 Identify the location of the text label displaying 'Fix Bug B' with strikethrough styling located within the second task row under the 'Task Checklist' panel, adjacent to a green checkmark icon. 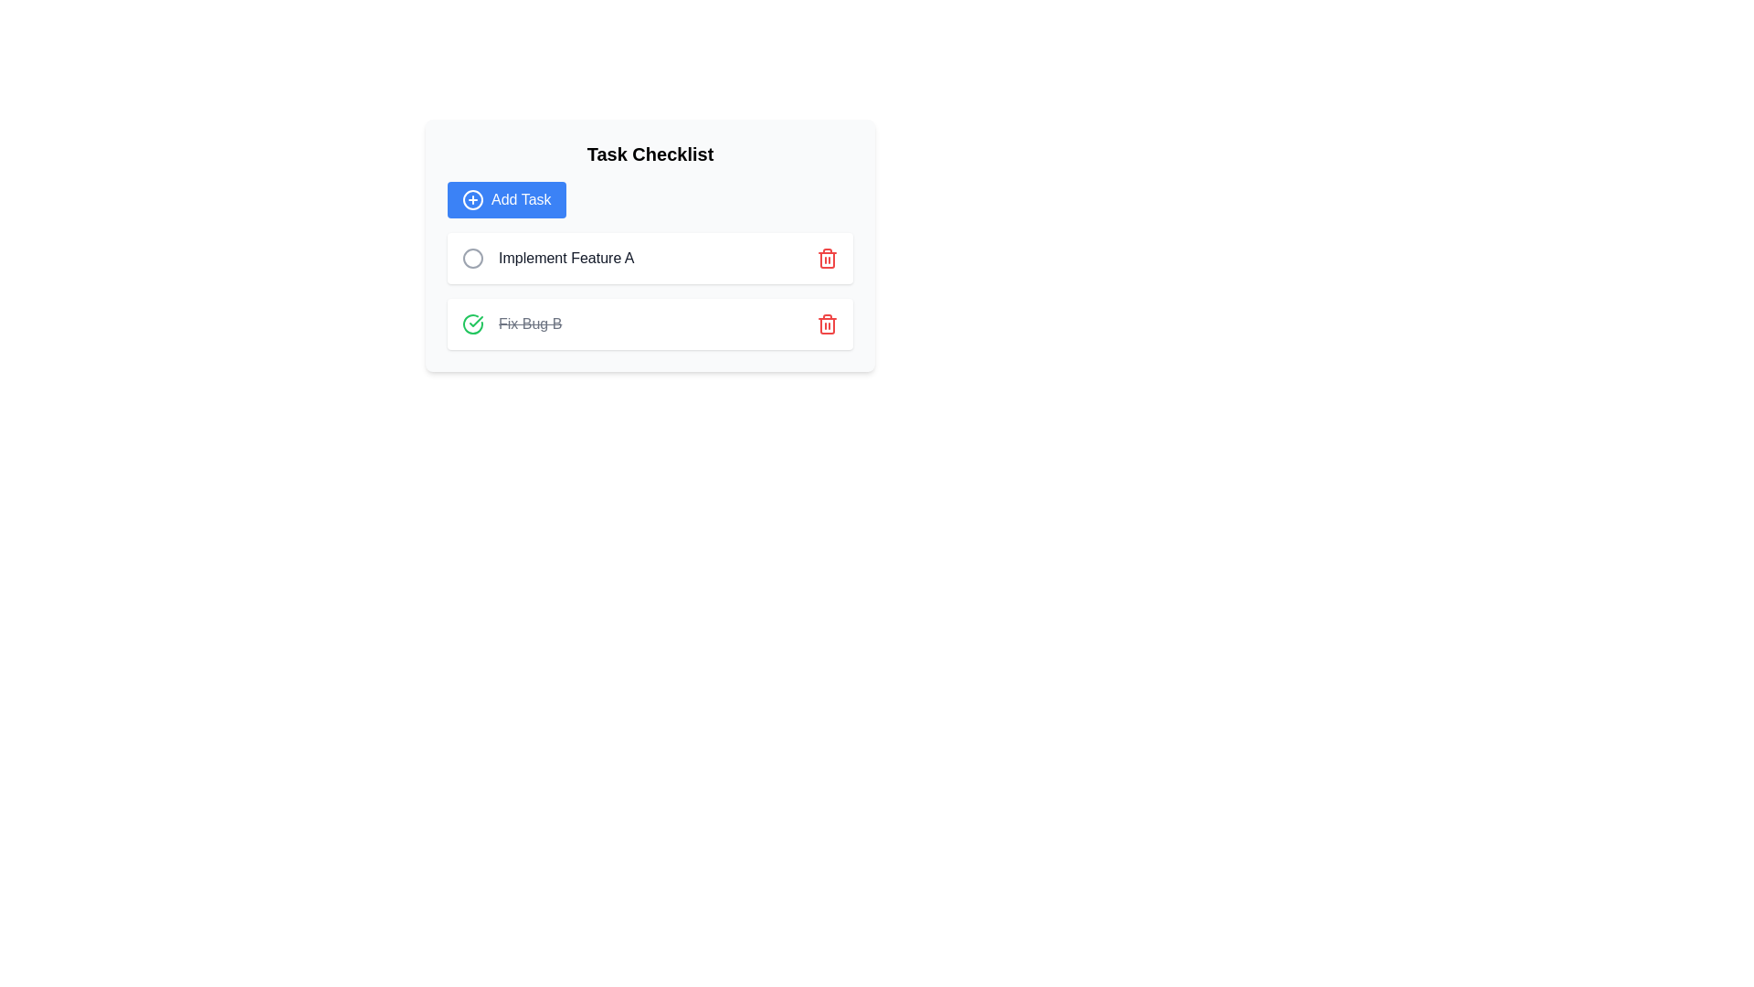
(512, 323).